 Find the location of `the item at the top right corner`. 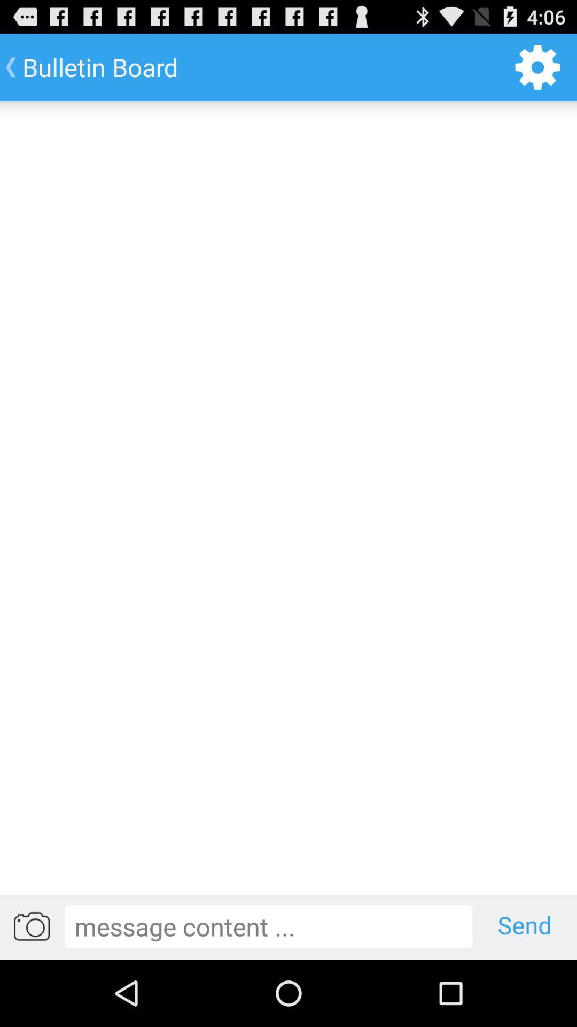

the item at the top right corner is located at coordinates (537, 66).